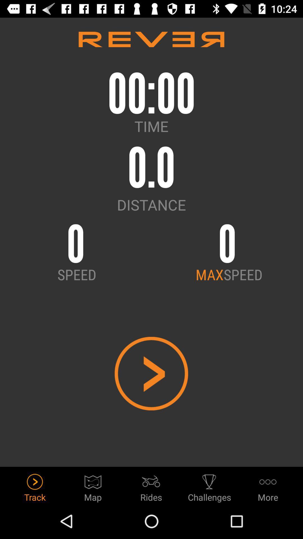 The image size is (303, 539). I want to click on rides item, so click(151, 486).